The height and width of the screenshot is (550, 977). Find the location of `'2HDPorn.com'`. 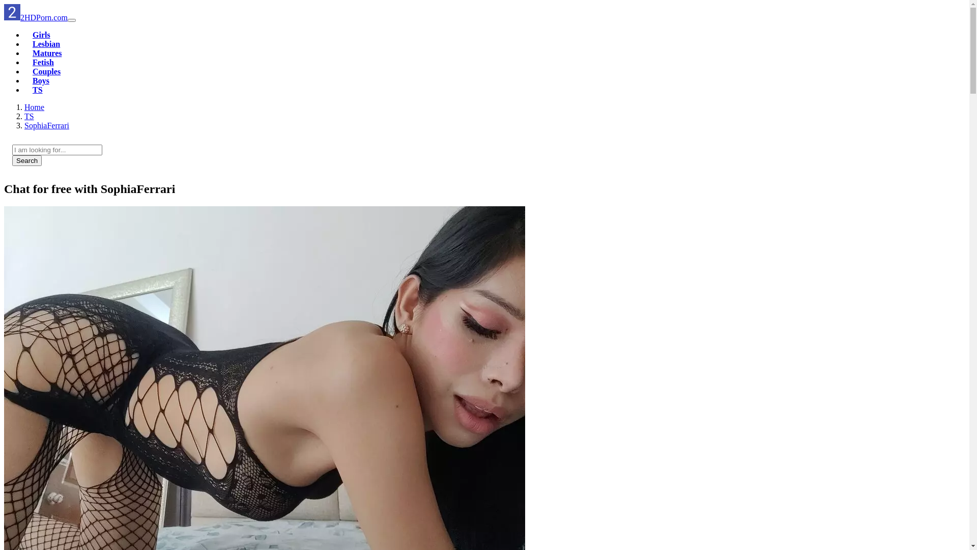

'2HDPorn.com' is located at coordinates (36, 17).